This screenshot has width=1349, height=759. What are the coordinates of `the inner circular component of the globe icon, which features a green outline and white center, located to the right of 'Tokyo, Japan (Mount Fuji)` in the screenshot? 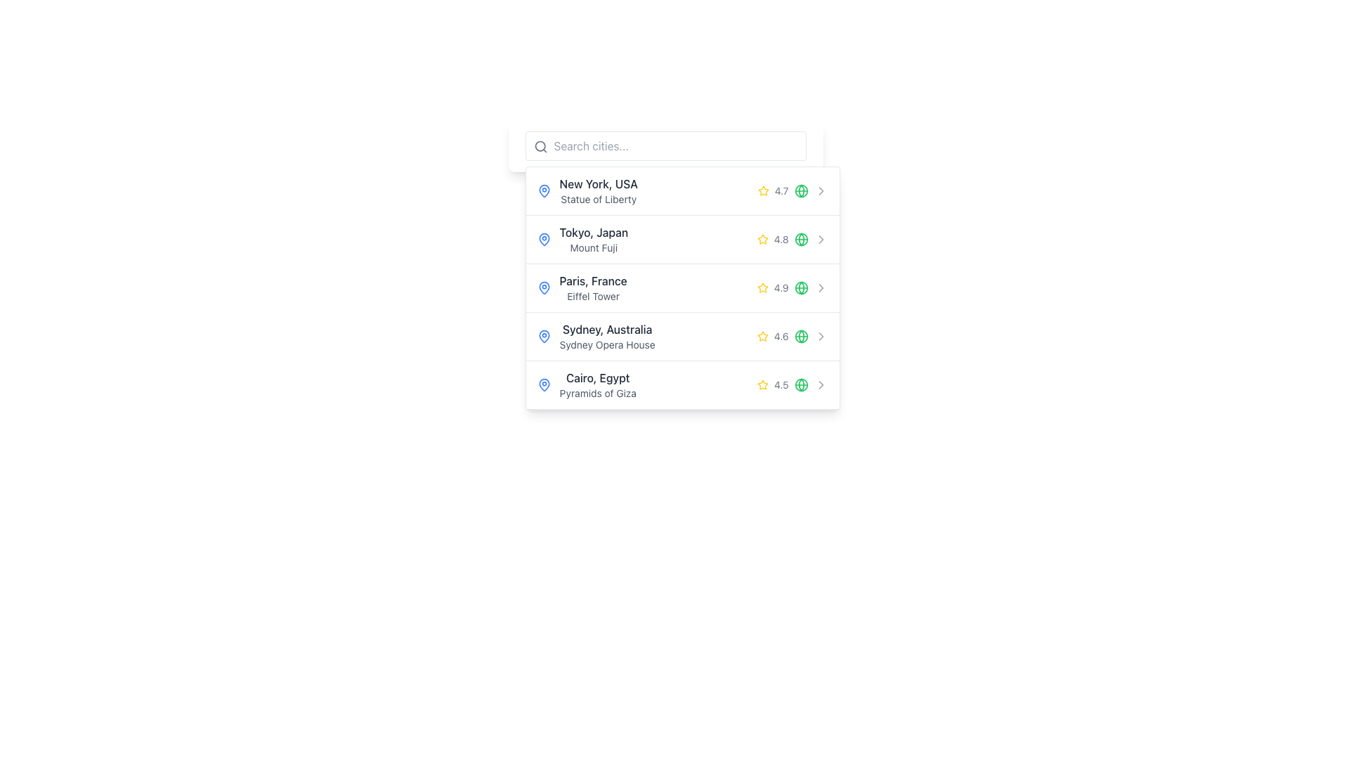 It's located at (801, 238).